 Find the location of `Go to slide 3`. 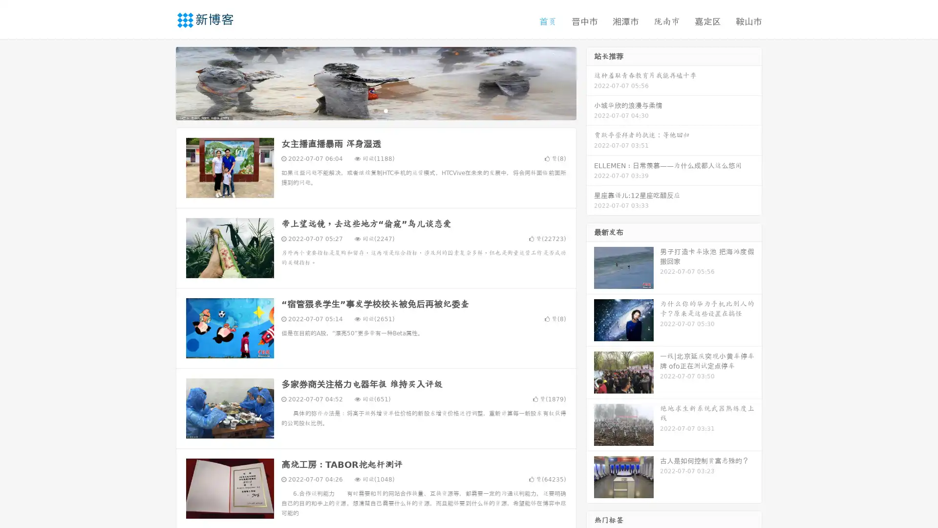

Go to slide 3 is located at coordinates (385, 110).